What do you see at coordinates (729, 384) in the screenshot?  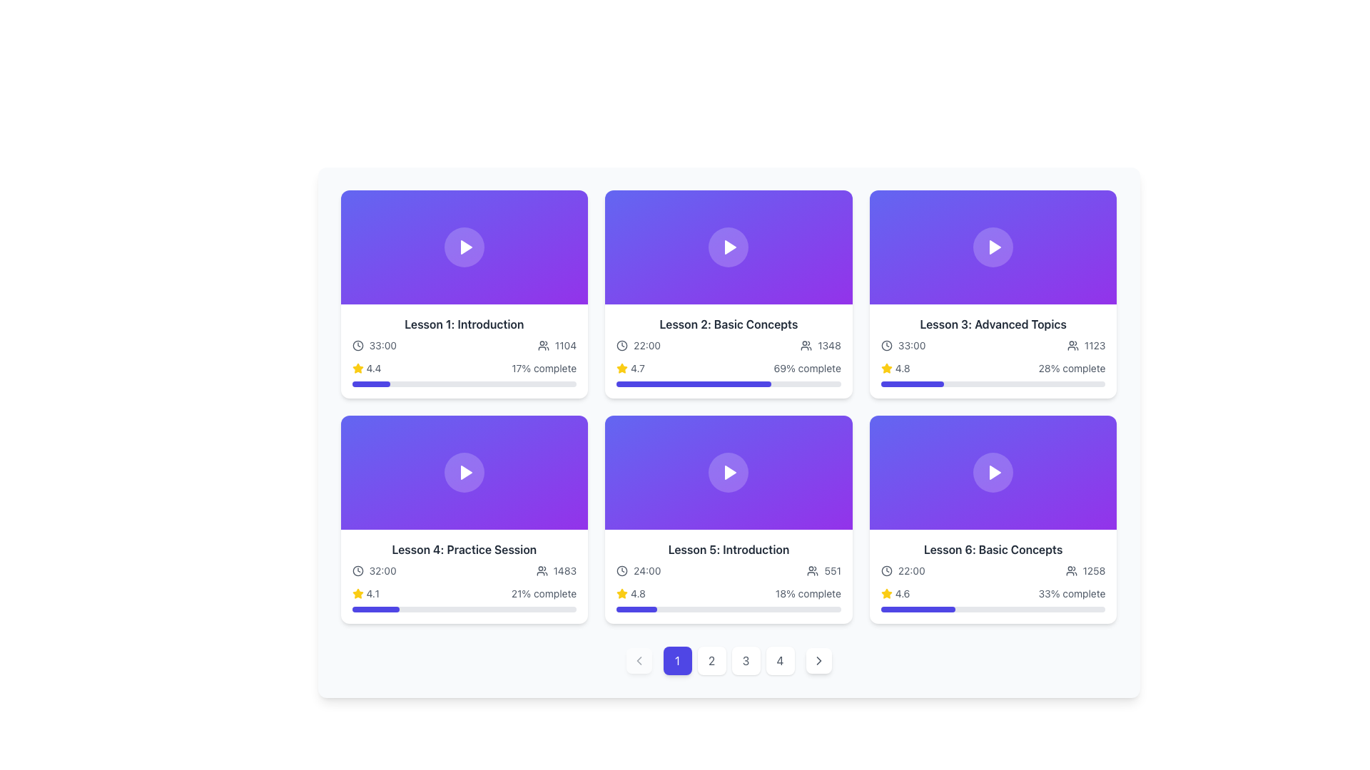 I see `the completion status of the progress bar located below the '69% complete' text in the 'Lesson 2: Basic Concepts' card` at bounding box center [729, 384].